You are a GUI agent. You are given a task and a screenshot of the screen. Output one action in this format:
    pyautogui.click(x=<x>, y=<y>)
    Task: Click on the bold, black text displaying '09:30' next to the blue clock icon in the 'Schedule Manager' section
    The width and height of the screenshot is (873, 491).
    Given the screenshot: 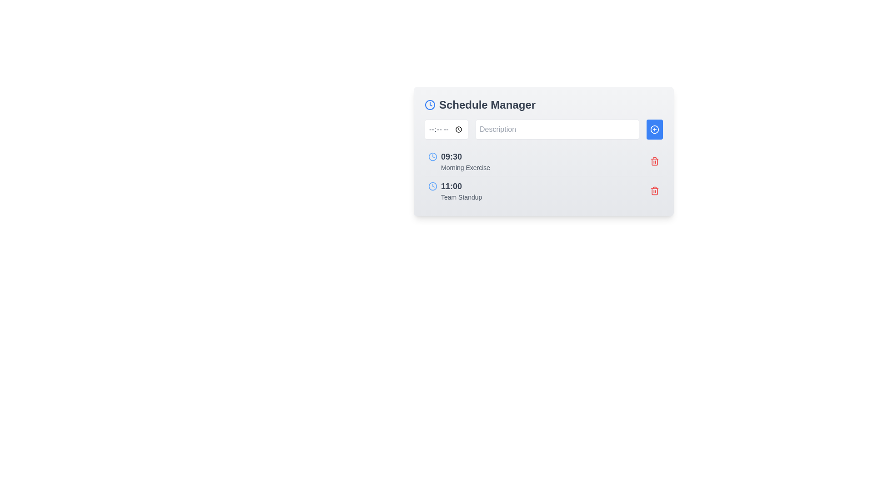 What is the action you would take?
    pyautogui.click(x=459, y=156)
    